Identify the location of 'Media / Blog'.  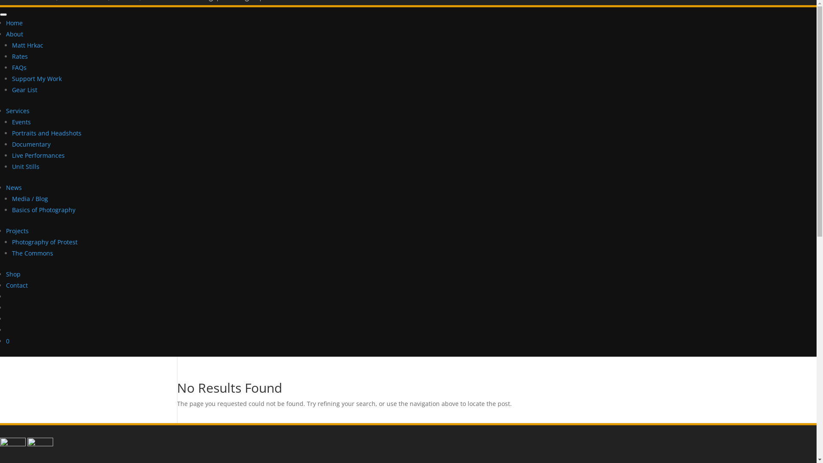
(30, 198).